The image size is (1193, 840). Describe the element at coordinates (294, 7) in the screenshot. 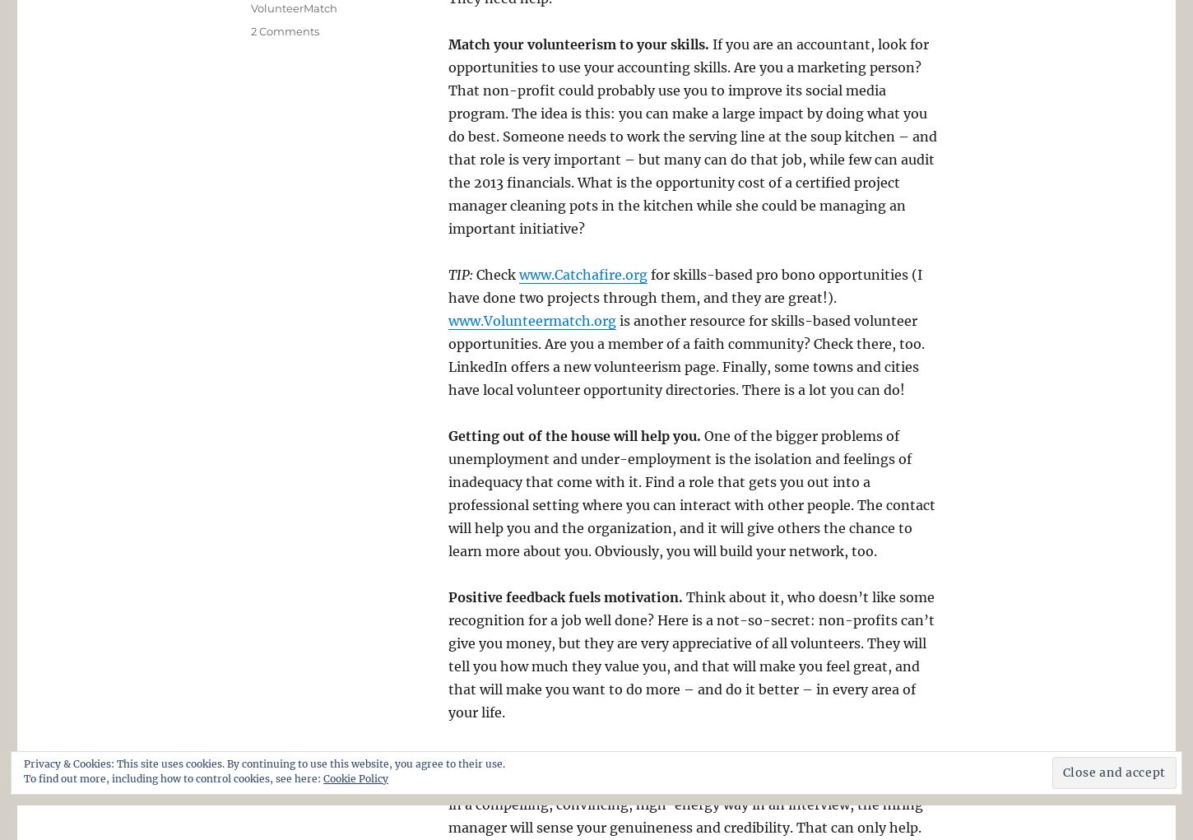

I see `'VolunteerMatch'` at that location.